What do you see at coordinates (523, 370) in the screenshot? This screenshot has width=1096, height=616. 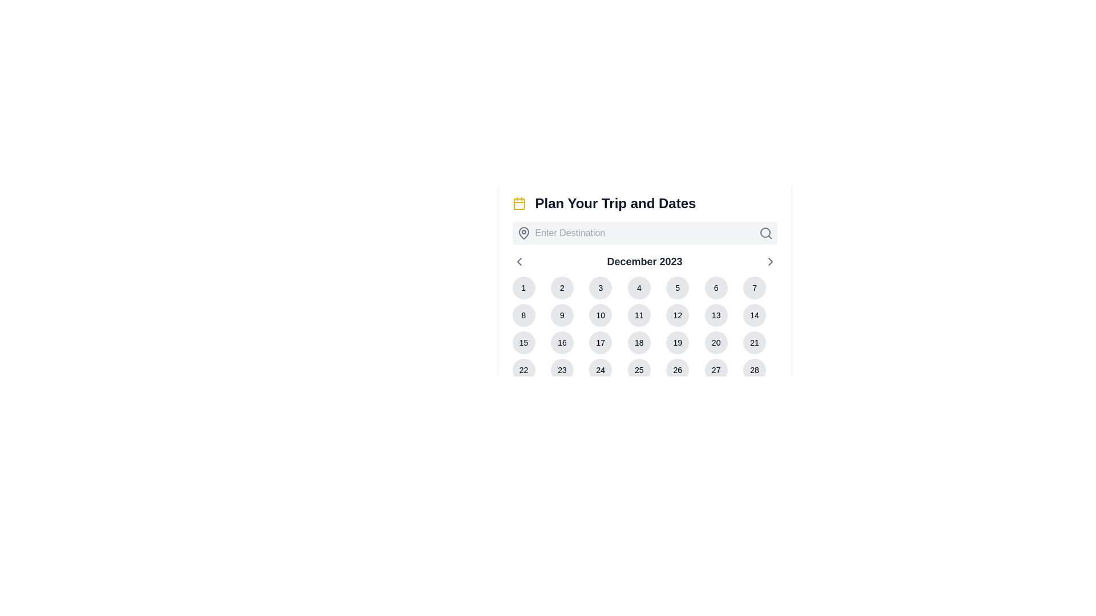 I see `the button representing a selectable date in the date-picker interface, located in the seventh row and first column of the grid layout` at bounding box center [523, 370].